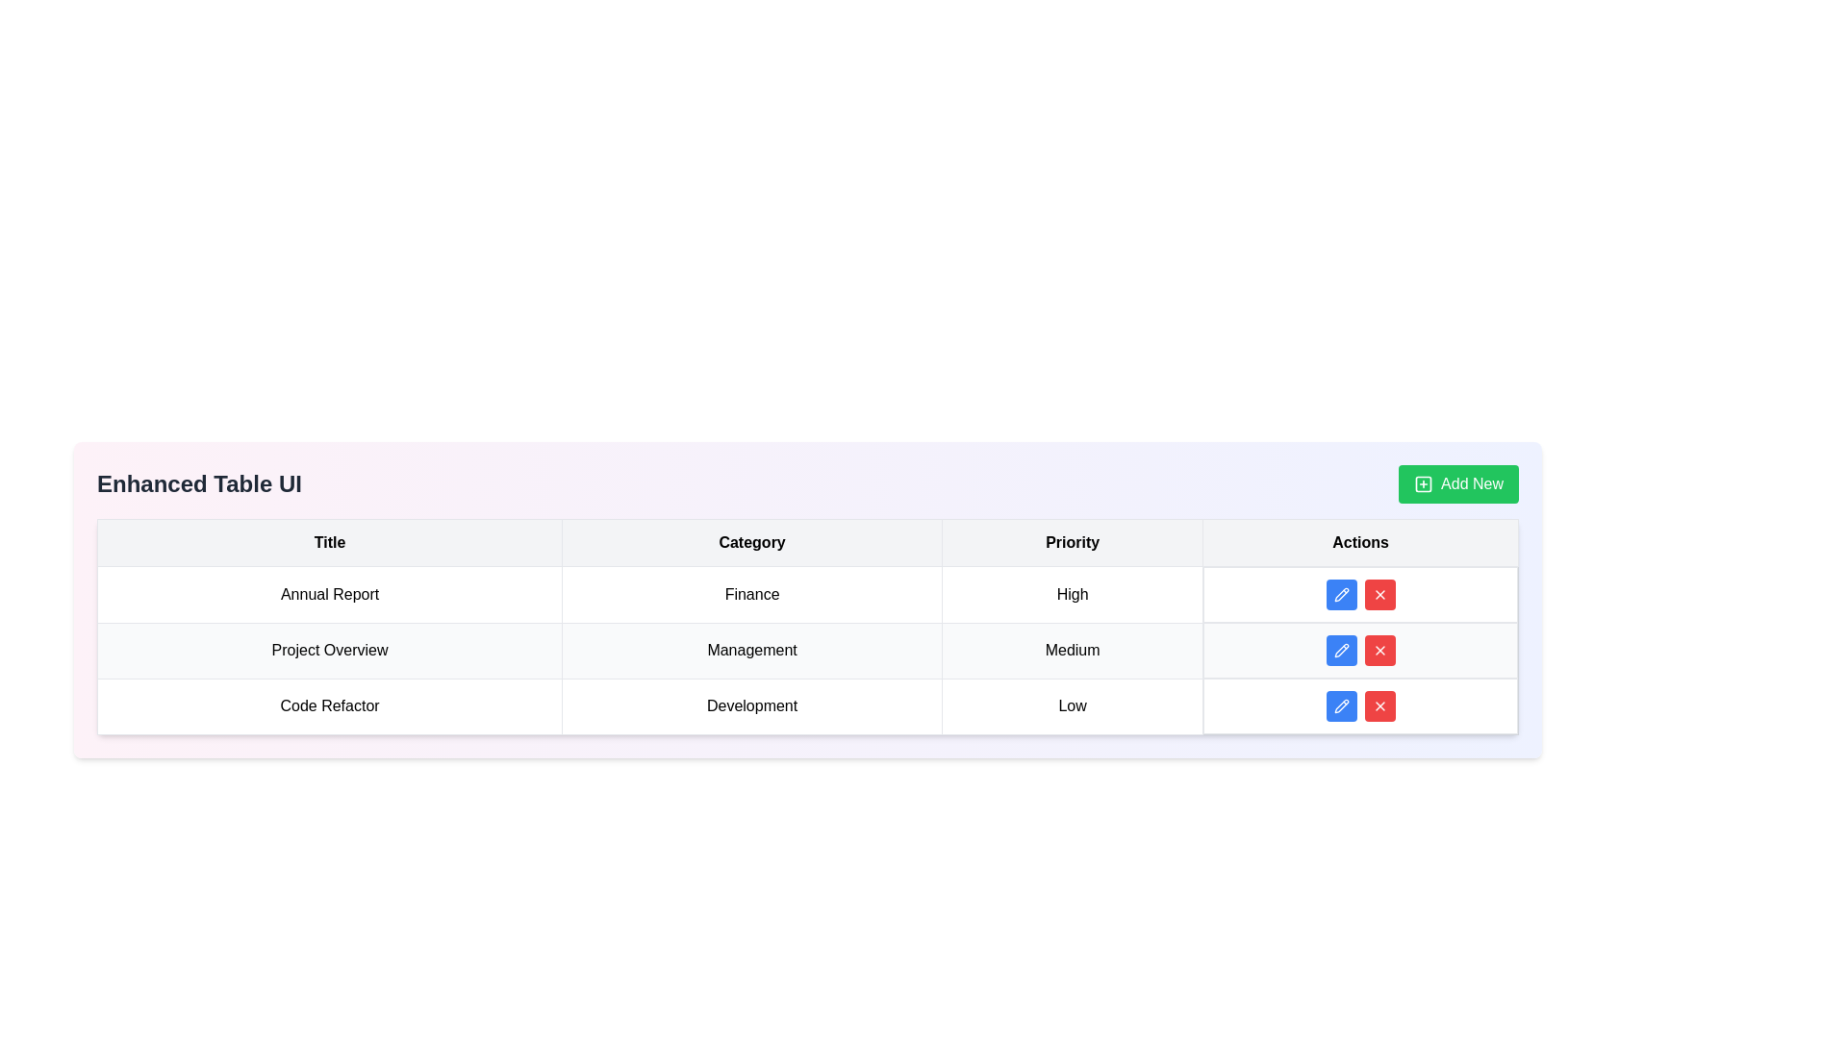 This screenshot has height=1038, width=1847. I want to click on the blue pencil button in the Actions control group for the 'Code Refactor' row to initiate editing, so click(1359, 706).